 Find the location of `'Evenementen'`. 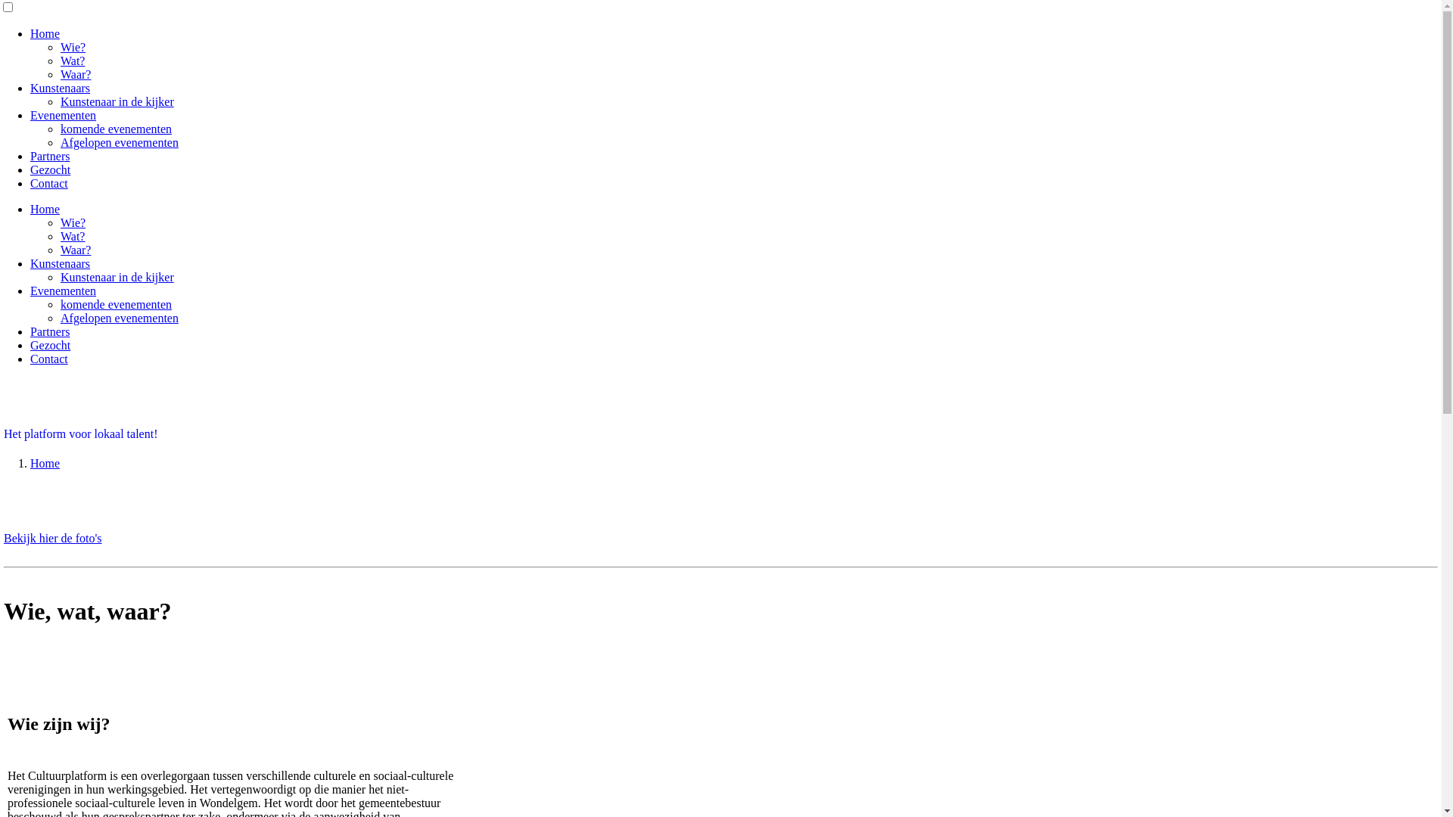

'Evenementen' is located at coordinates (62, 114).